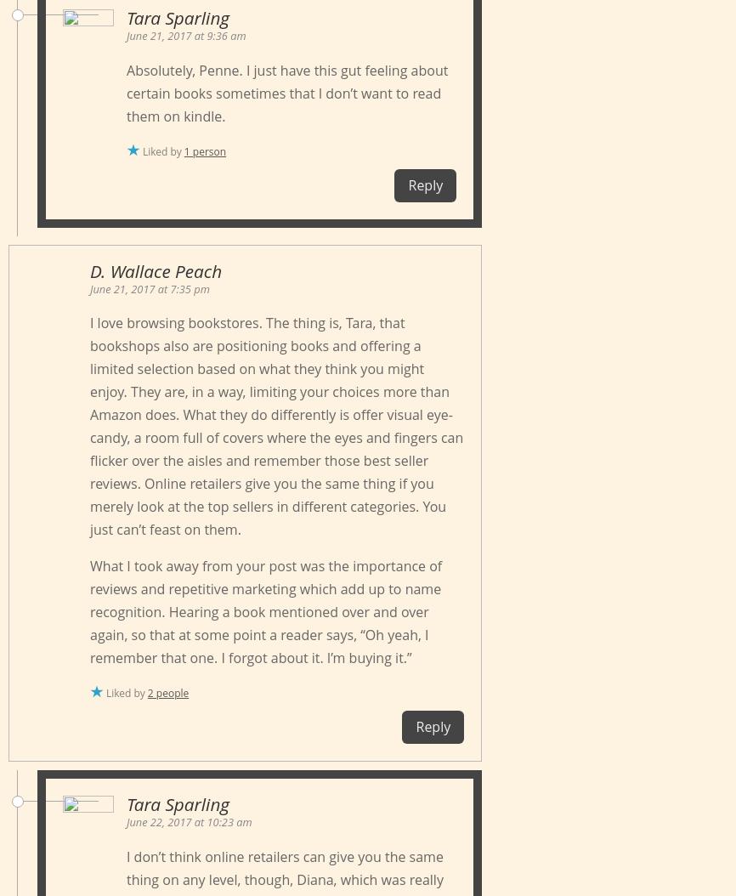 Image resolution: width=736 pixels, height=896 pixels. Describe the element at coordinates (275, 425) in the screenshot. I see `'I love browsing bookstores. The thing is, Tara, that bookshops also are positioning books and offering a limited selection based on what they think you might enjoy. They are, in a way, limiting your choices more than Amazon does. What they do differently is offer visual eye-candy, a room full of covers where the eyes and fingers can flicker over the aisles and remember those best seller reviews. Online retailers give you the same thing if you merely look at the top sellers in different categories. You just can’t feast on them.'` at that location.